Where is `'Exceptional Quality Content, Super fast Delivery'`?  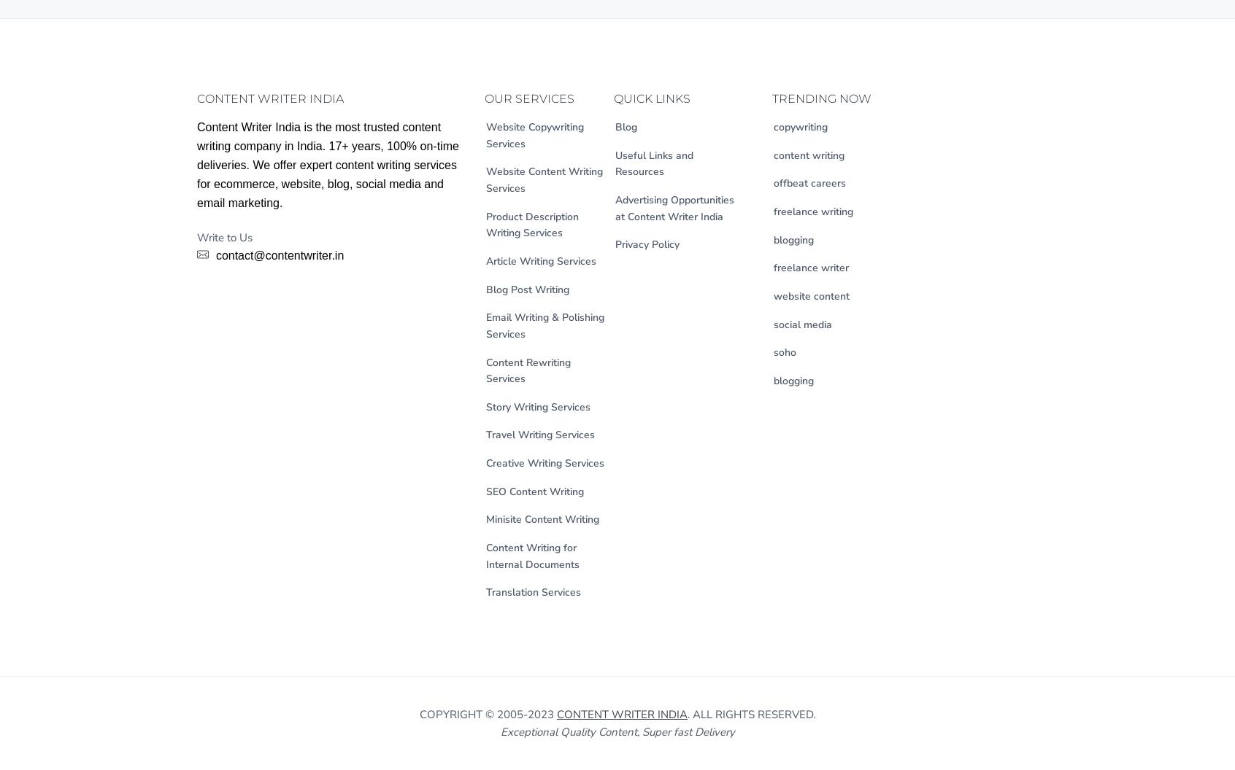
'Exceptional Quality Content, Super fast Delivery' is located at coordinates (499, 731).